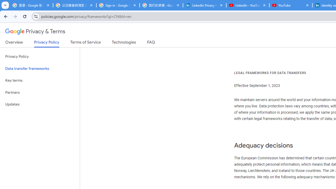 The image size is (336, 189). What do you see at coordinates (118, 5) in the screenshot?
I see `'Sign in - Google Accounts'` at bounding box center [118, 5].